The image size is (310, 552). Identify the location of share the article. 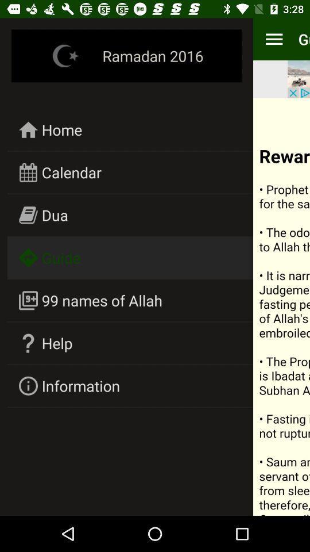
(281, 306).